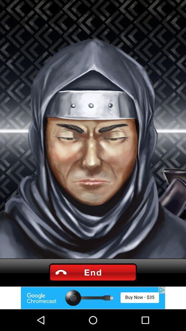 This screenshot has height=331, width=186. Describe the element at coordinates (93, 272) in the screenshot. I see `call end` at that location.